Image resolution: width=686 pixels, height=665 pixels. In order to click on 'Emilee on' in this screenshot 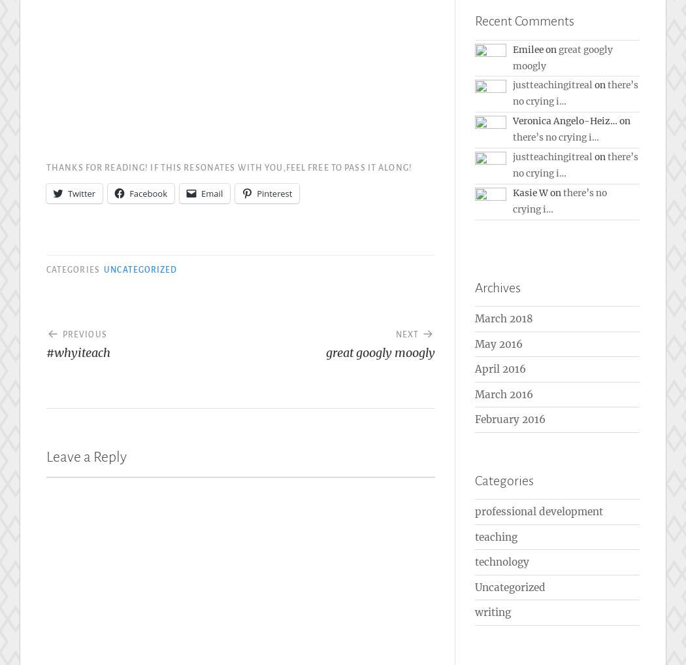, I will do `click(535, 48)`.